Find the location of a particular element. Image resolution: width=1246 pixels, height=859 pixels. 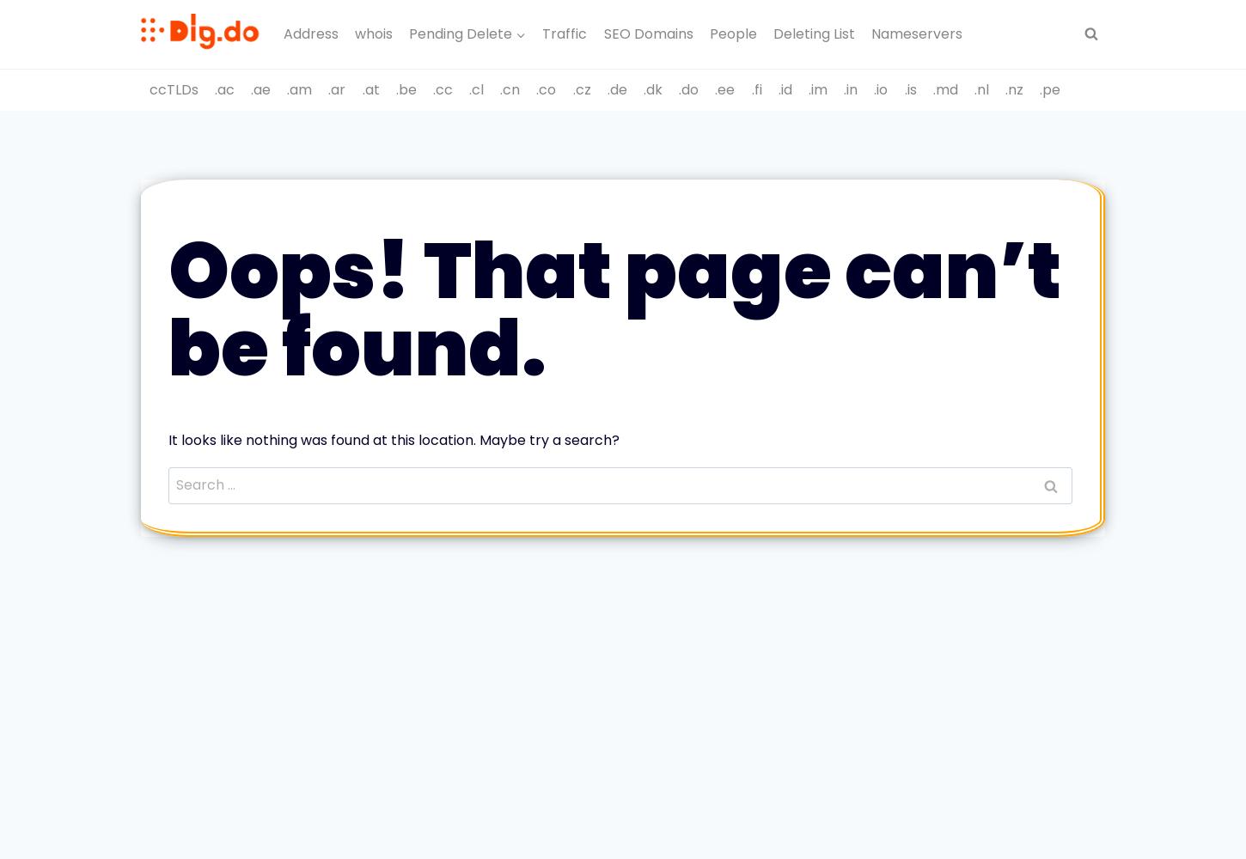

'.cz' is located at coordinates (580, 88).